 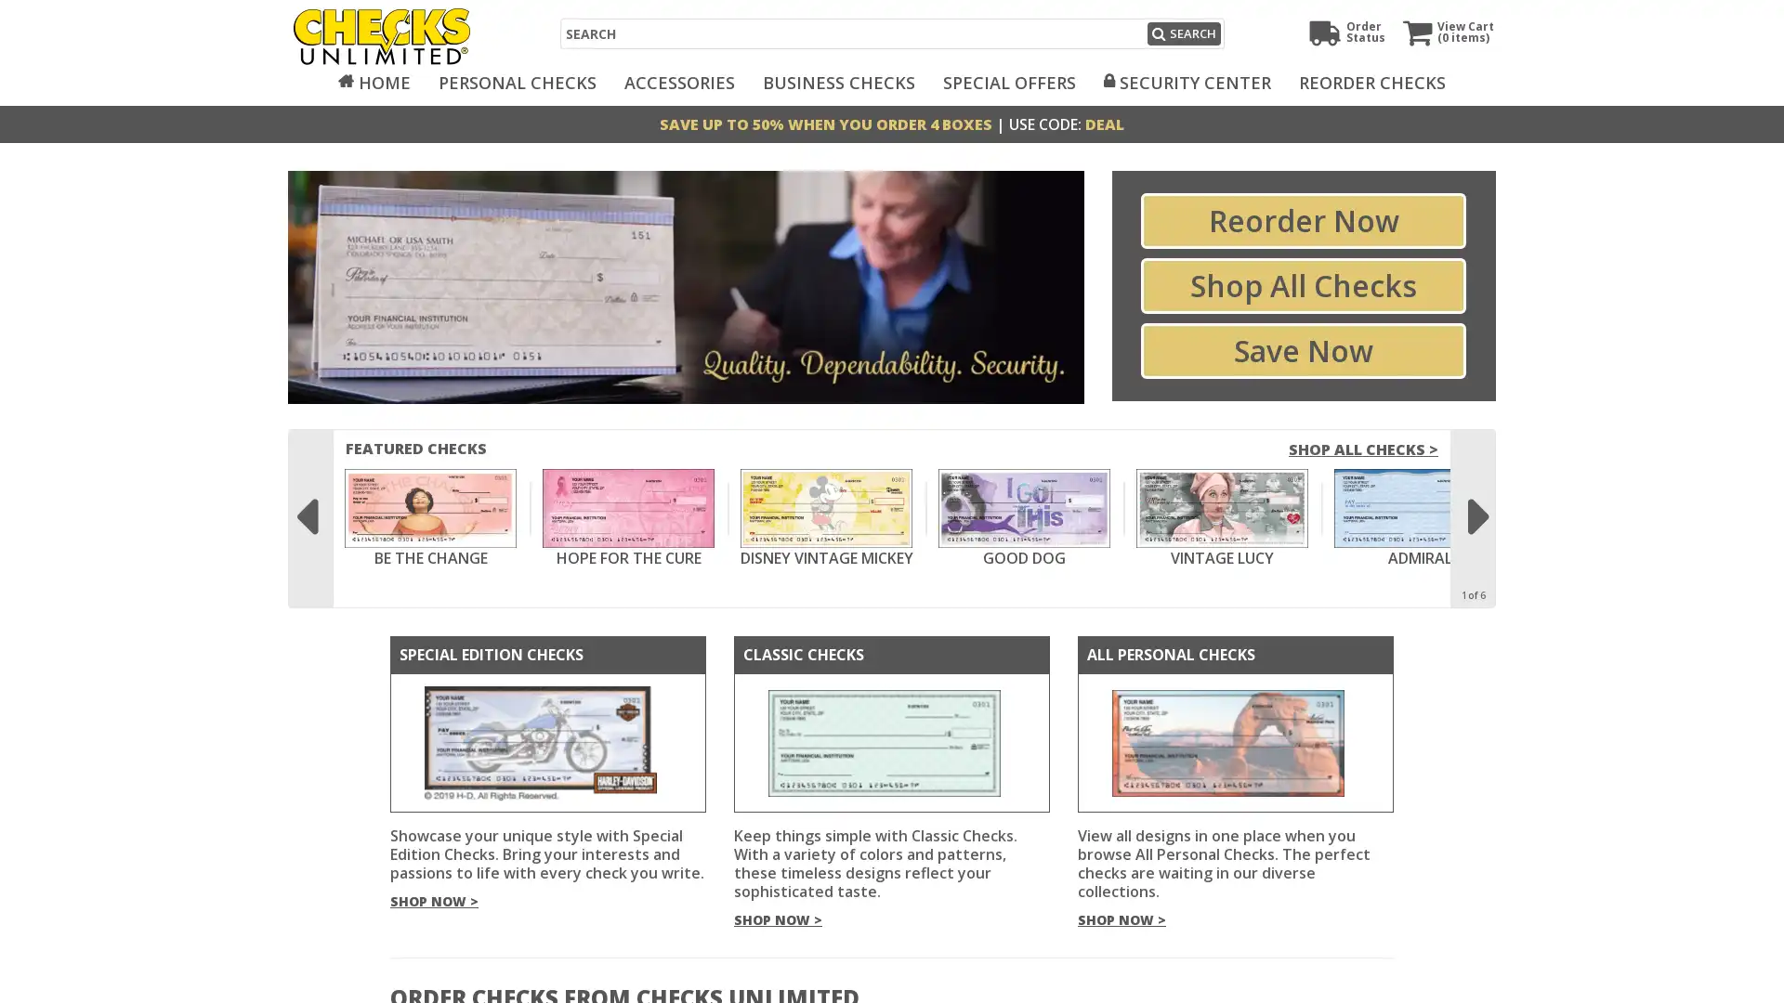 What do you see at coordinates (1476, 507) in the screenshot?
I see `Next` at bounding box center [1476, 507].